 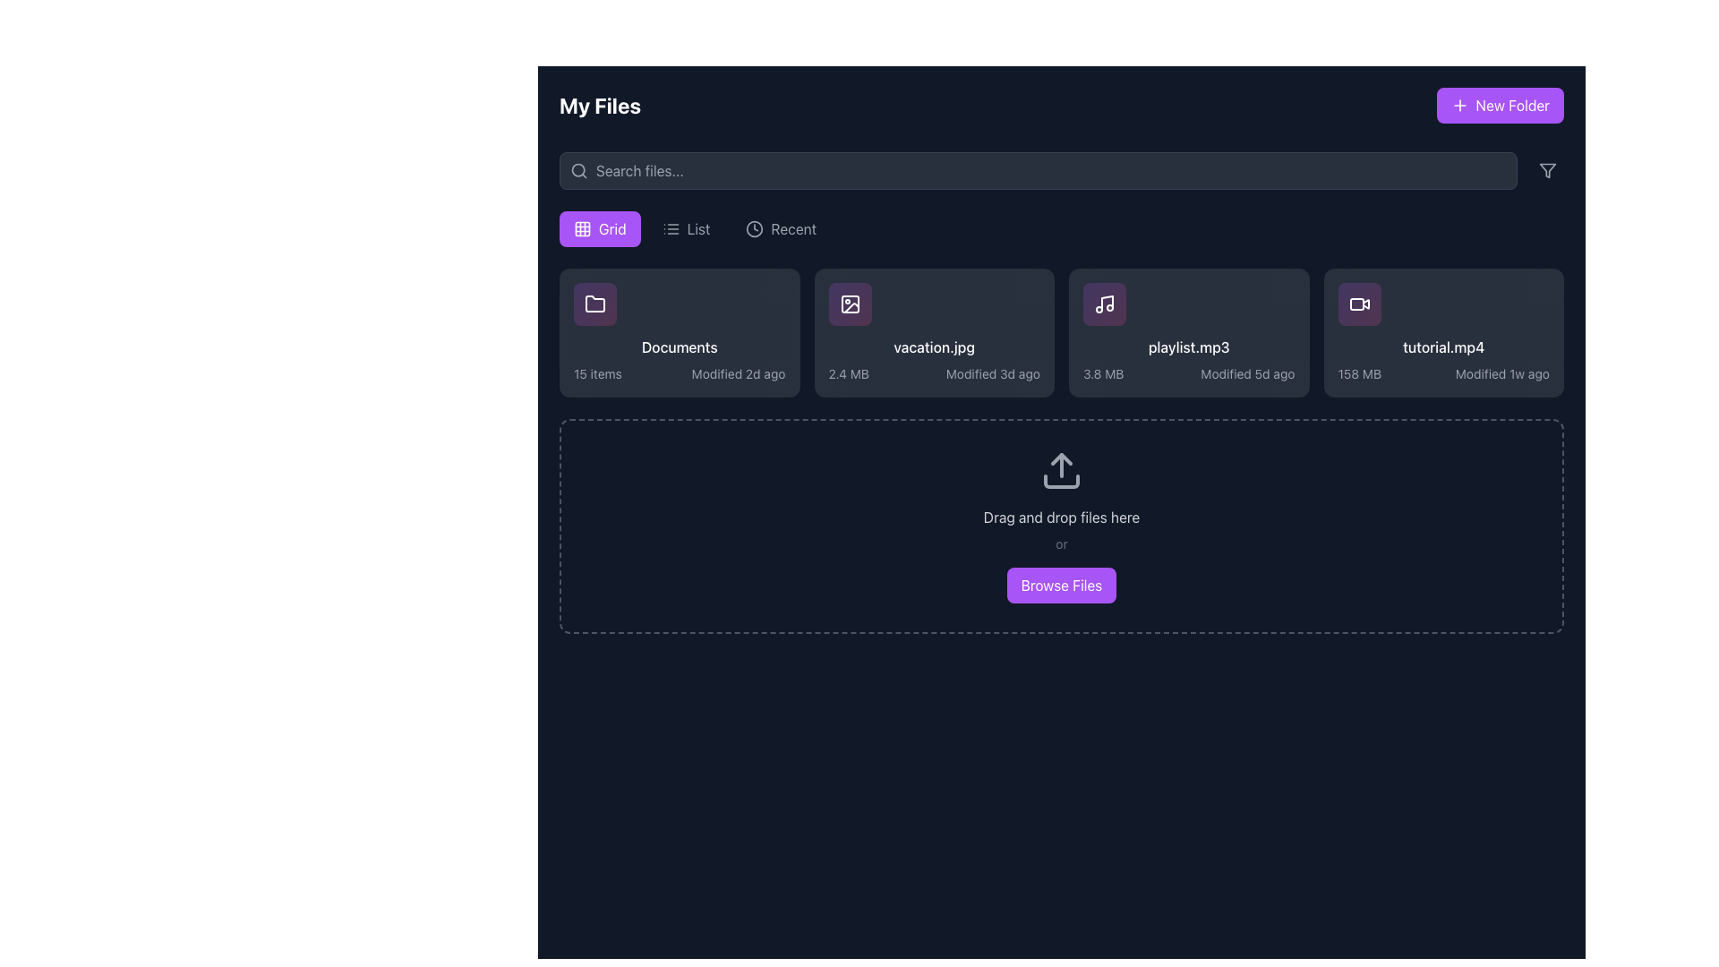 I want to click on the 'Browse Files' button, which has a vivid purple background and white text, to observe its hover effect, so click(x=1061, y=586).